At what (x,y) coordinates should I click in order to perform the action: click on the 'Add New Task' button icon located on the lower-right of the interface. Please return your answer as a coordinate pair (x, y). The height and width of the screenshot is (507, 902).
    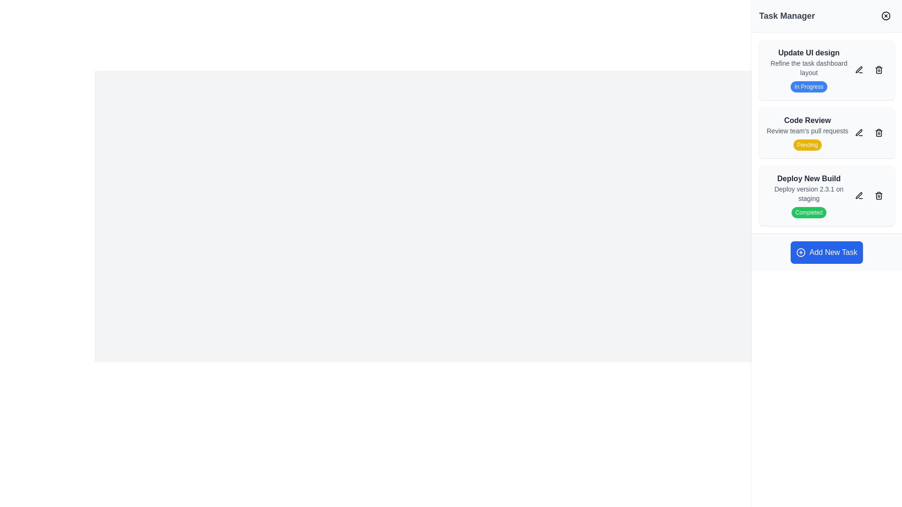
    Looking at the image, I should click on (800, 252).